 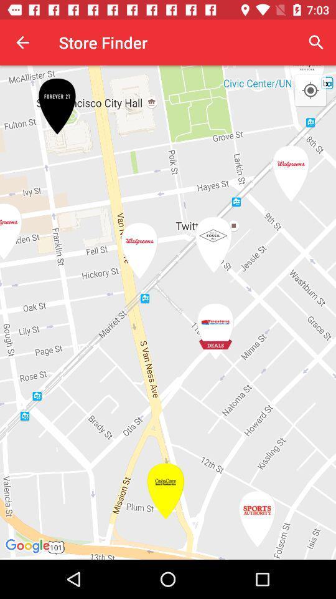 I want to click on app to the left of store finder app, so click(x=22, y=42).